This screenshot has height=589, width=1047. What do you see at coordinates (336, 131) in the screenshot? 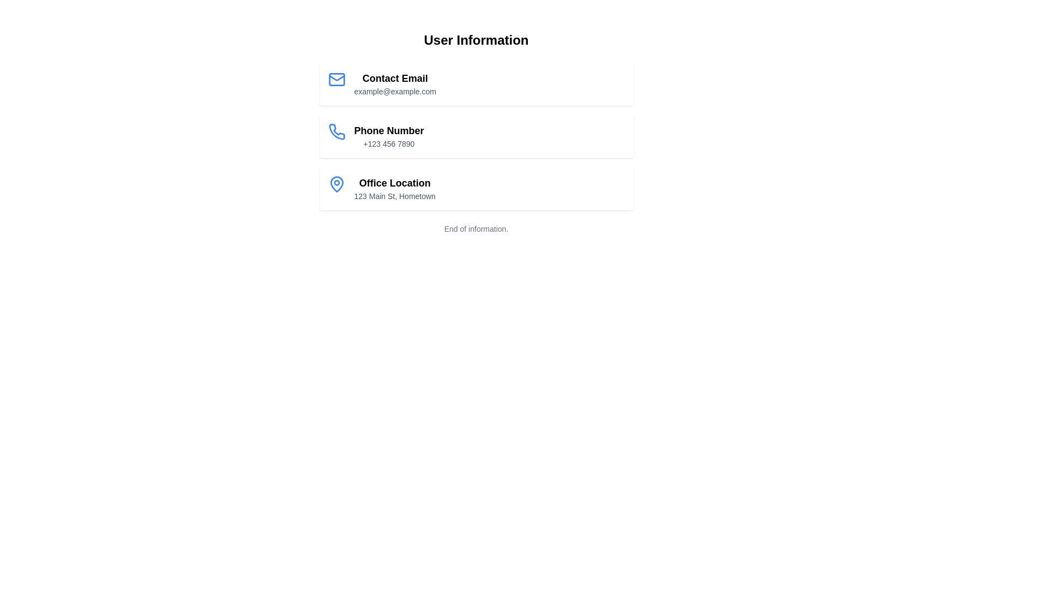
I see `the blue telephone receiver icon in the 'Phone Number' section, located at the leftmost part of the second row of the user information list` at bounding box center [336, 131].